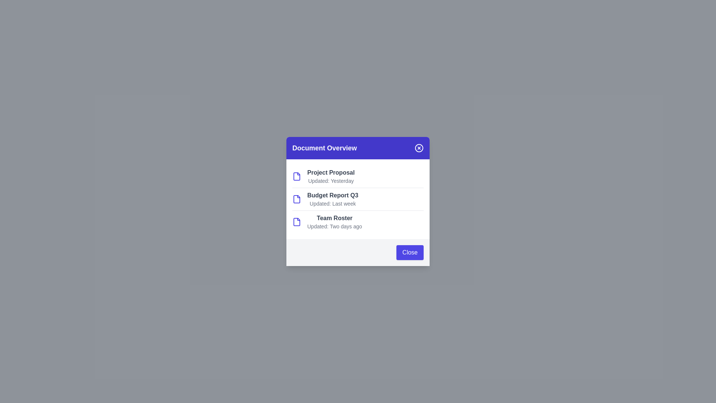  I want to click on the 'Close' button to close the dialog, so click(409, 252).